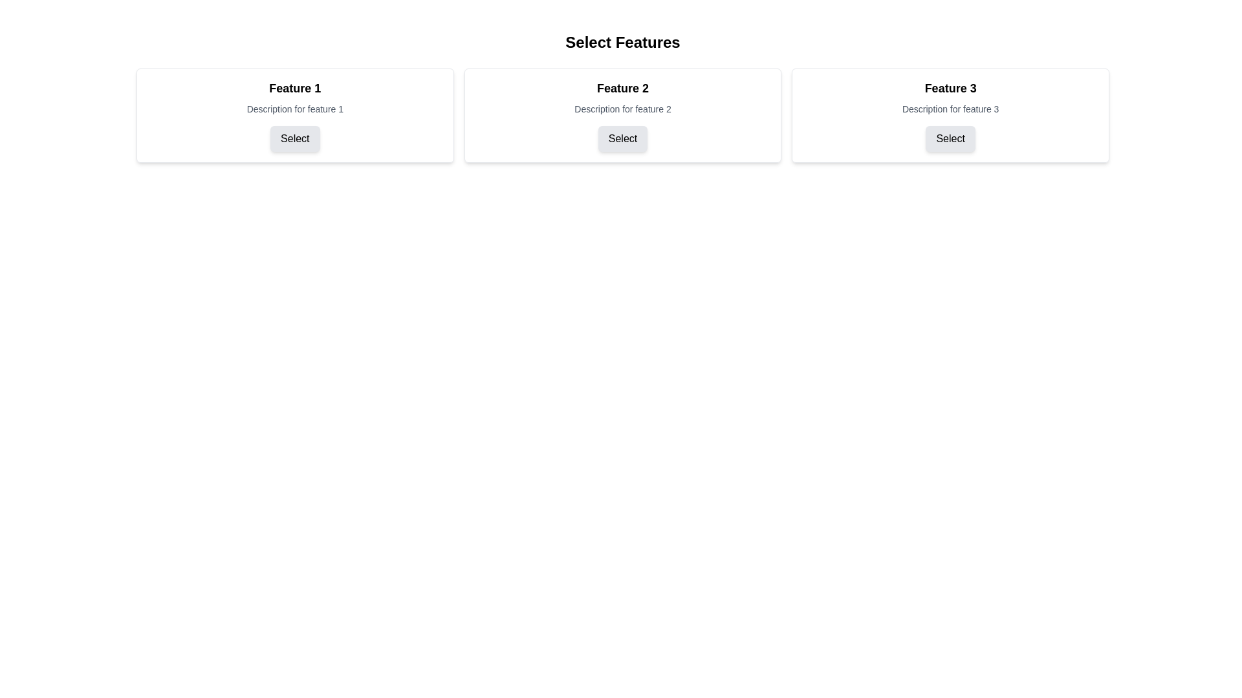  What do you see at coordinates (623, 139) in the screenshot?
I see `the 'Select' button located at the bottom of the 'Feature 2' card, below the description text 'Description for feature 2'` at bounding box center [623, 139].